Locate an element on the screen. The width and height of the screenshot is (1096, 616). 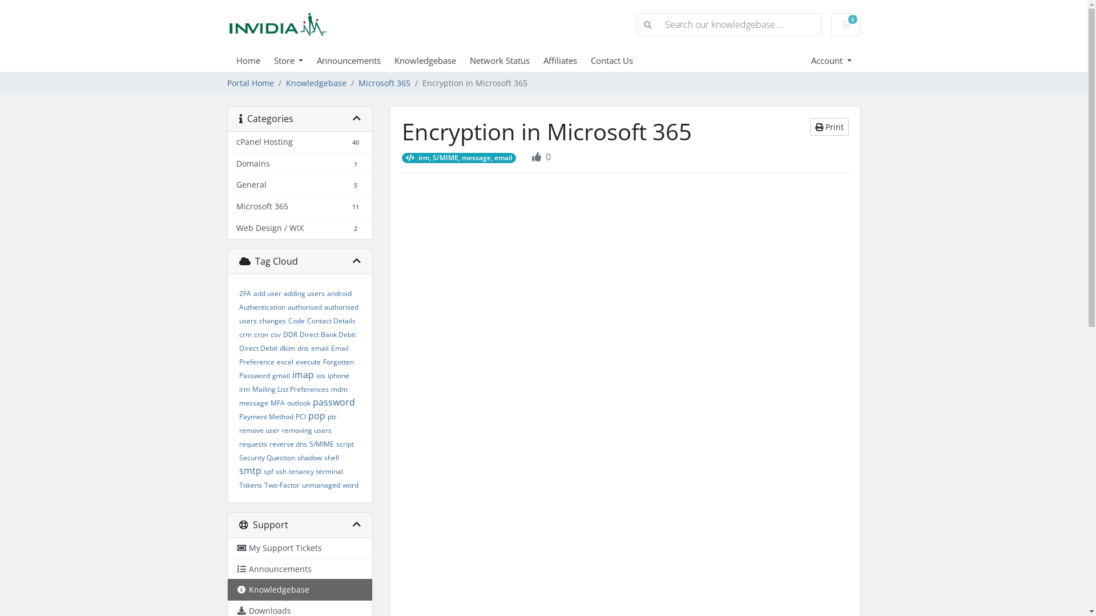
'General is located at coordinates (299, 184).